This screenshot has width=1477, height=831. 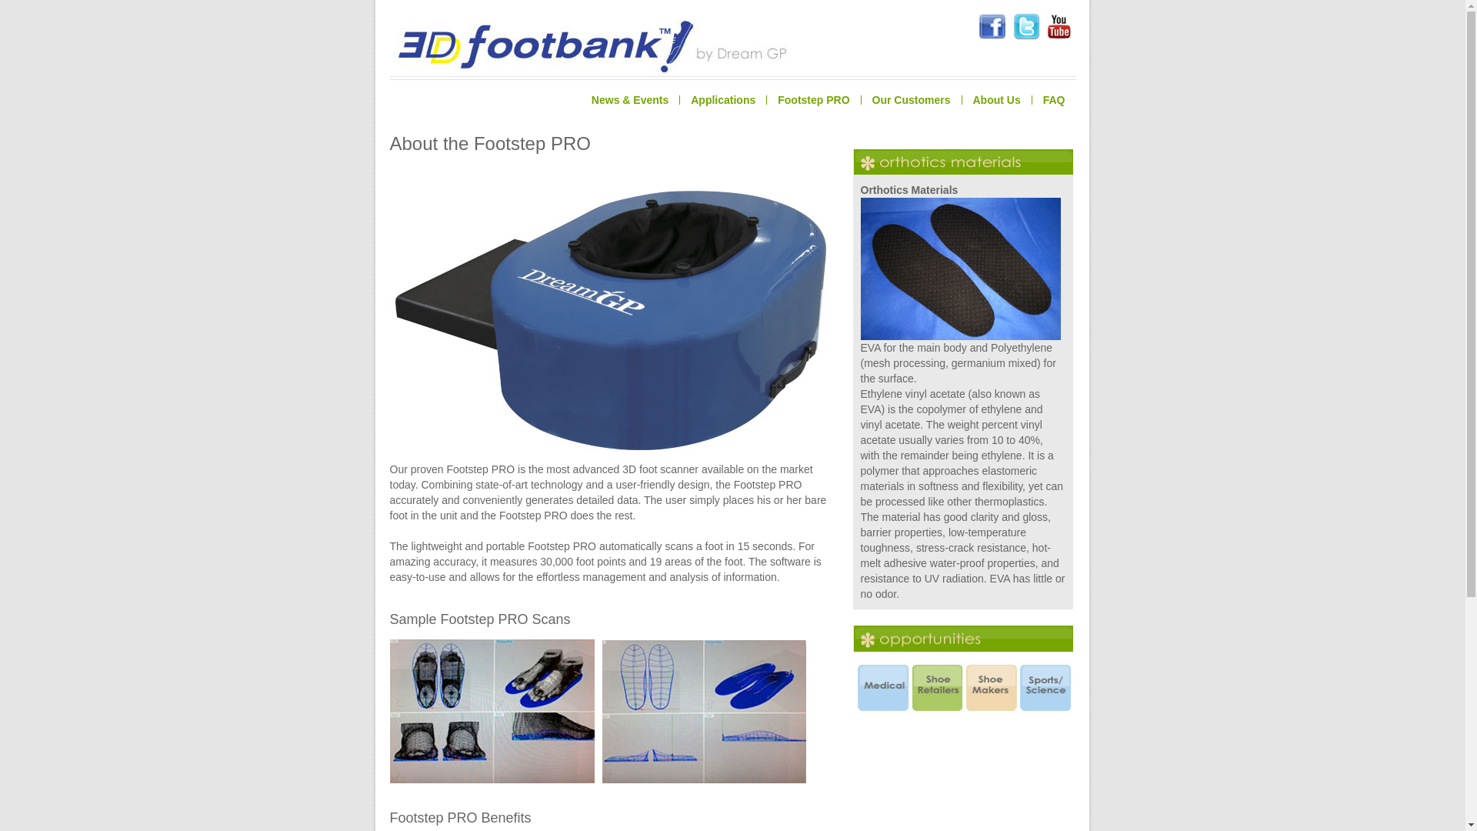 What do you see at coordinates (1052, 100) in the screenshot?
I see `'FAQ'` at bounding box center [1052, 100].